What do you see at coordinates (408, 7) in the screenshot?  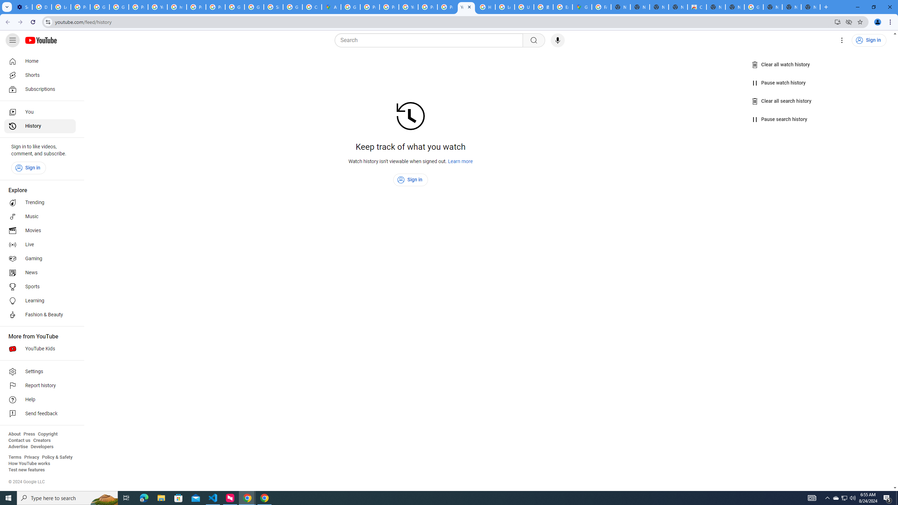 I see `'YouTube'` at bounding box center [408, 7].